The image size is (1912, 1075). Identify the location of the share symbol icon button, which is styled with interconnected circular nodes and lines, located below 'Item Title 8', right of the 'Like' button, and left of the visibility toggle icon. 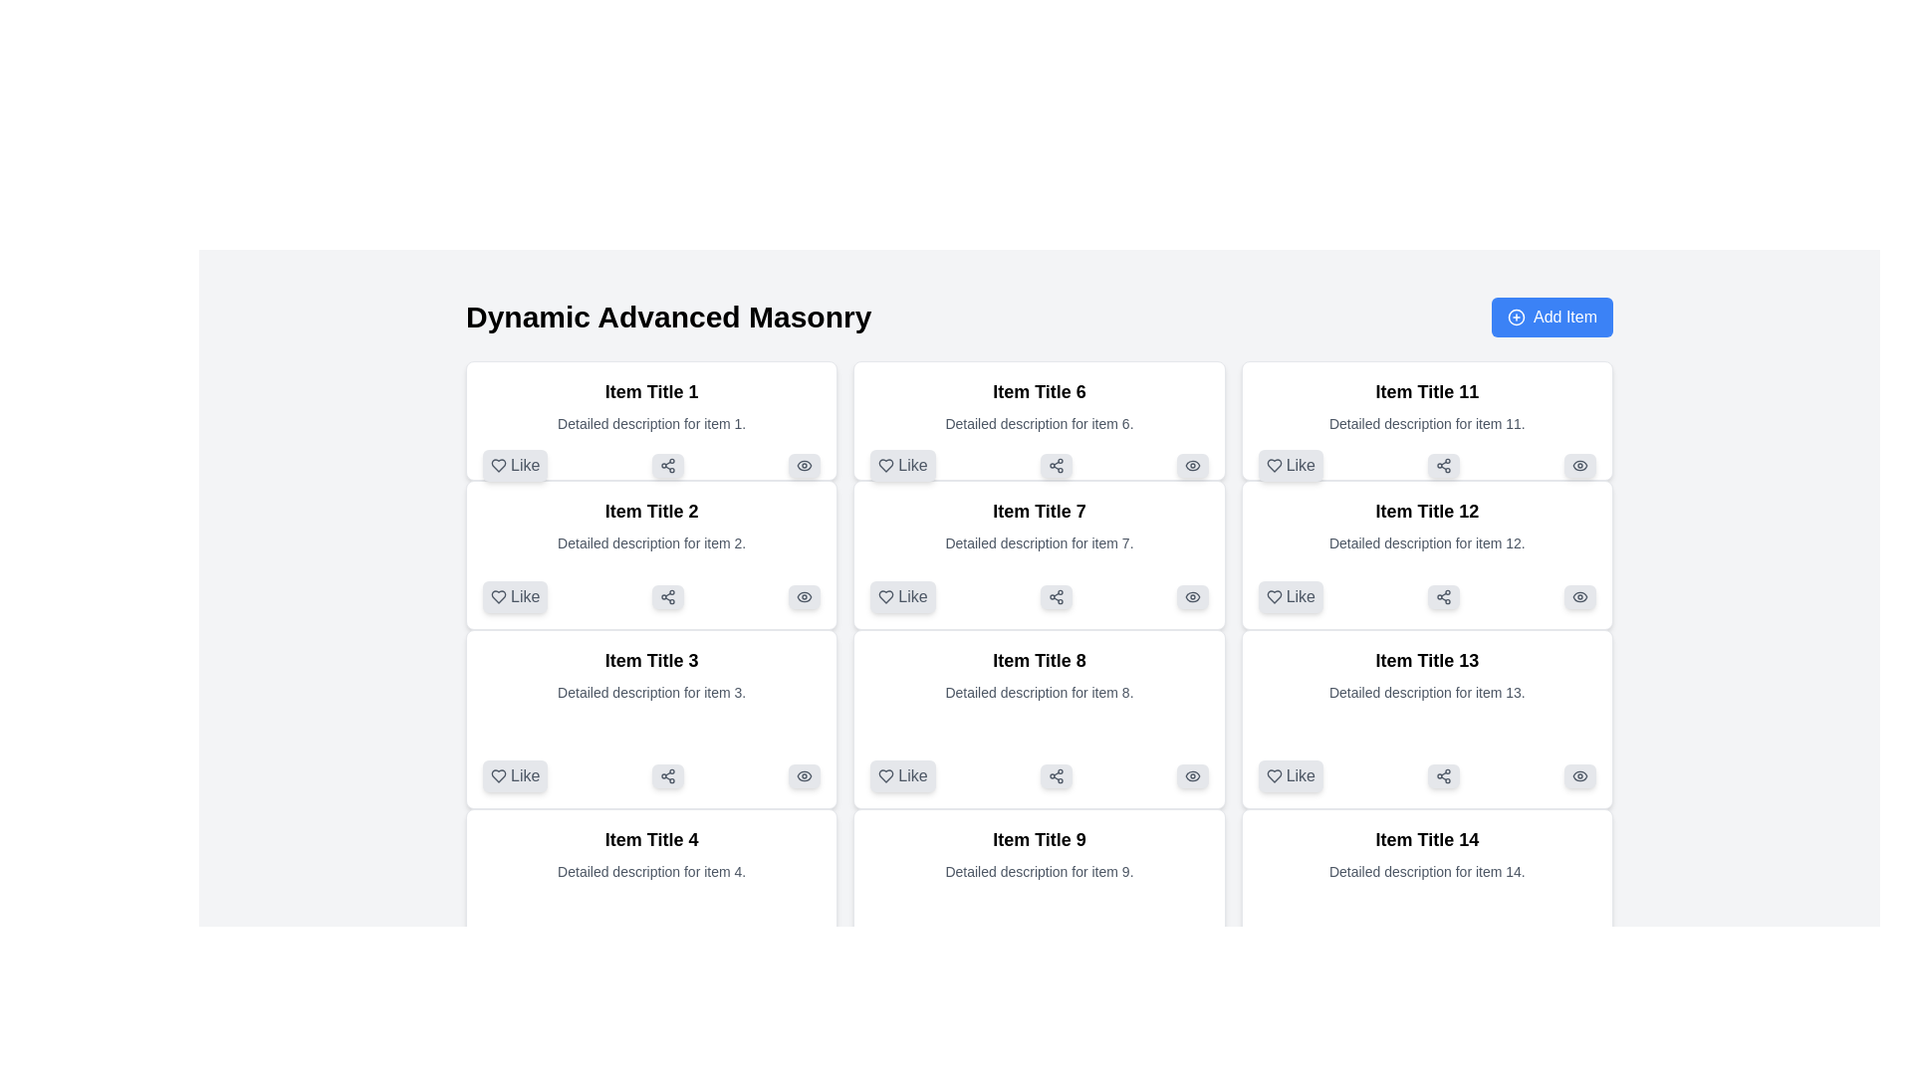
(1055, 774).